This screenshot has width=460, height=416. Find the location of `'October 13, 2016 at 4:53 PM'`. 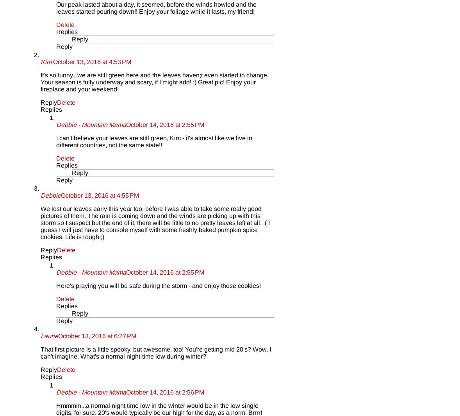

'October 13, 2016 at 4:53 PM' is located at coordinates (91, 61).